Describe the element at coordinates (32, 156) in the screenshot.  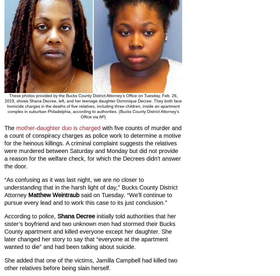
I see `'info@atlantablackstar.com'` at that location.